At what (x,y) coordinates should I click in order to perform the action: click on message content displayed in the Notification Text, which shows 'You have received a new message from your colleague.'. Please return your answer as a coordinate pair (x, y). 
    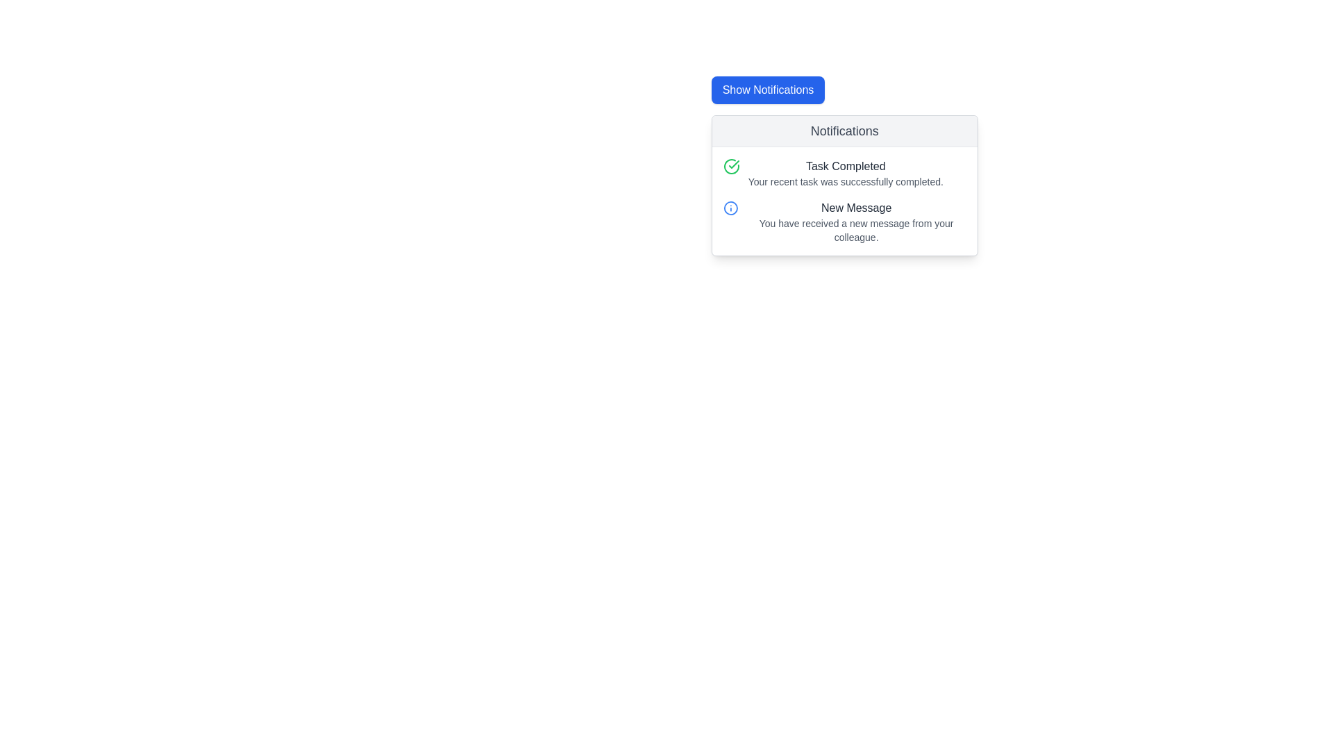
    Looking at the image, I should click on (855, 222).